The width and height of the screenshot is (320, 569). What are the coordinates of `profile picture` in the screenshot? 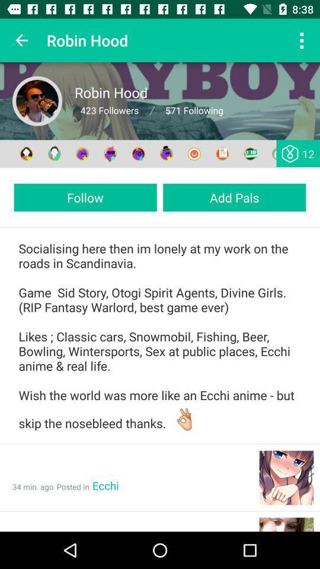 It's located at (37, 100).